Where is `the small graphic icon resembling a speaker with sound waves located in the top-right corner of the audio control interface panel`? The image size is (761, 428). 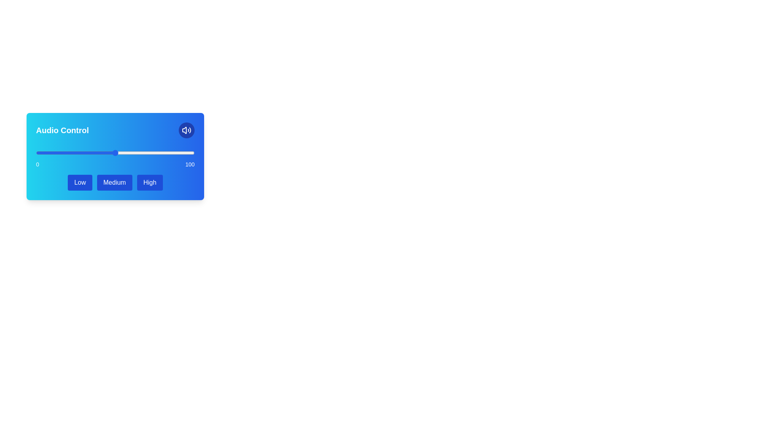
the small graphic icon resembling a speaker with sound waves located in the top-right corner of the audio control interface panel is located at coordinates (184, 130).